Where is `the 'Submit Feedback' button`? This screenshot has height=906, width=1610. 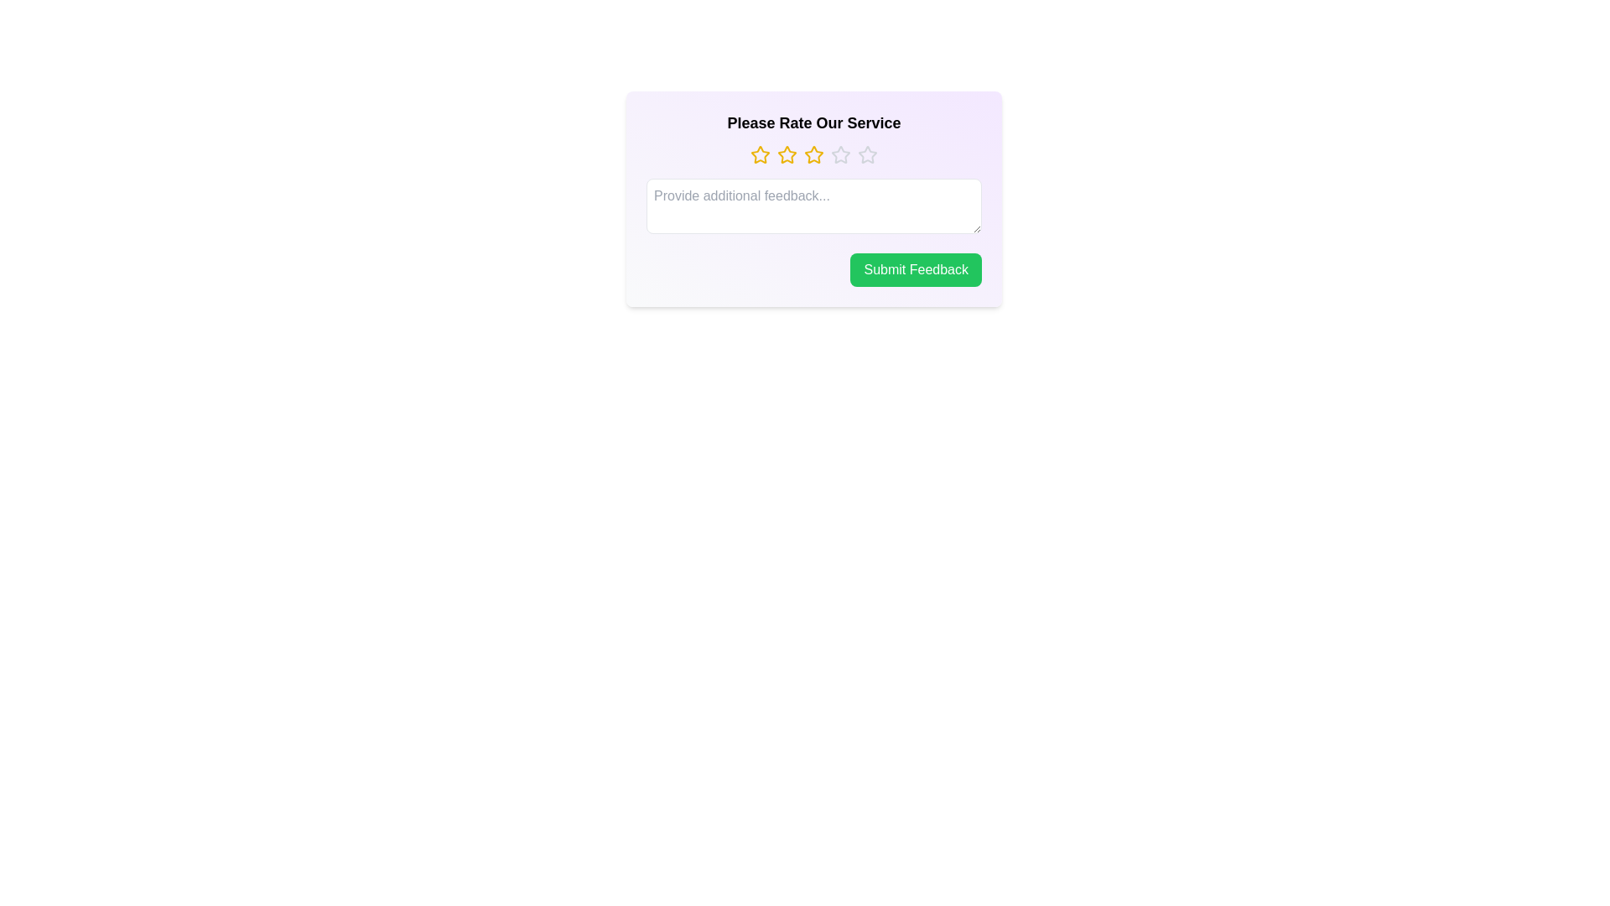
the 'Submit Feedback' button is located at coordinates (915, 268).